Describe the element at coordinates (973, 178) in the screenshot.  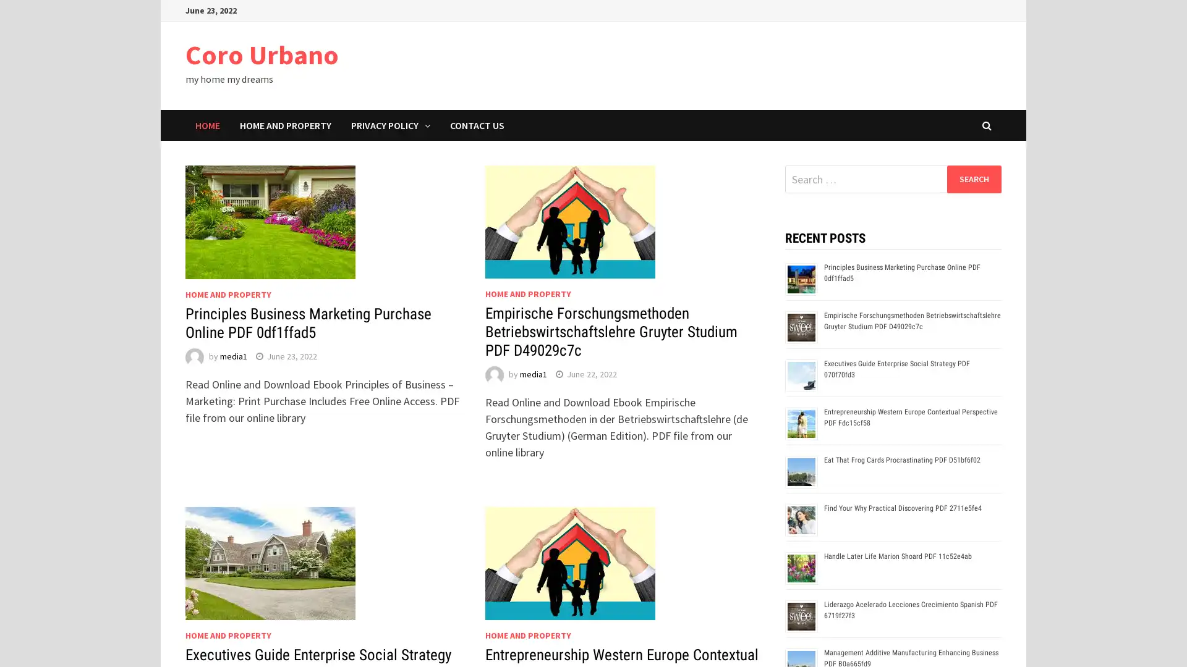
I see `Search` at that location.